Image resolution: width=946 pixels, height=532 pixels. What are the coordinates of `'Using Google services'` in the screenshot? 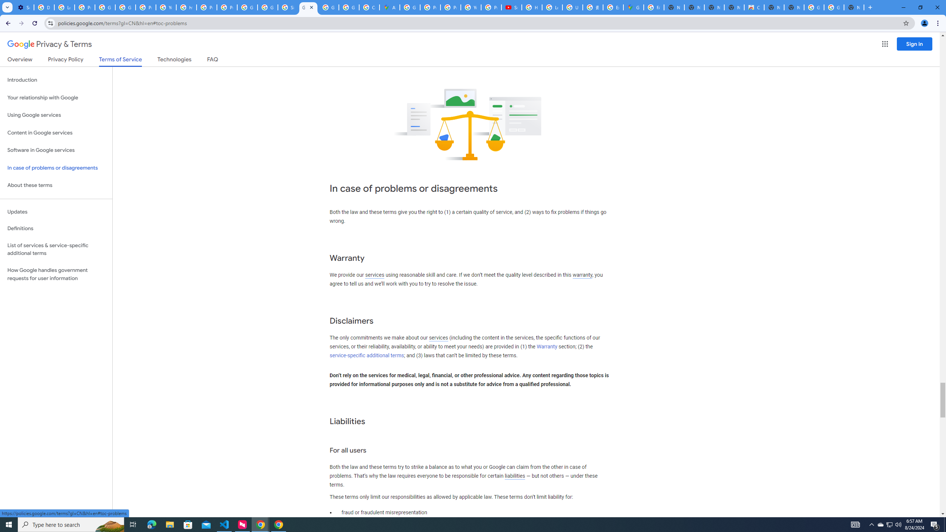 It's located at (56, 115).